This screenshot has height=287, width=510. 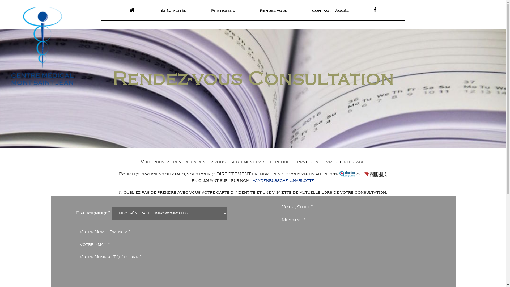 What do you see at coordinates (274, 11) in the screenshot?
I see `'Rendez-vous'` at bounding box center [274, 11].